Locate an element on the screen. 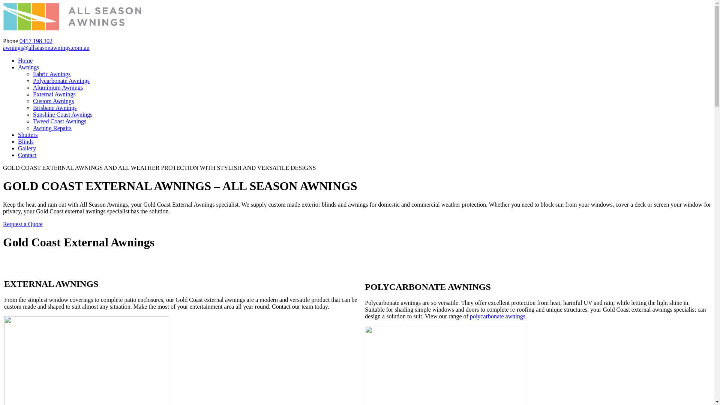  'Aluminium Awnings' is located at coordinates (57, 87).